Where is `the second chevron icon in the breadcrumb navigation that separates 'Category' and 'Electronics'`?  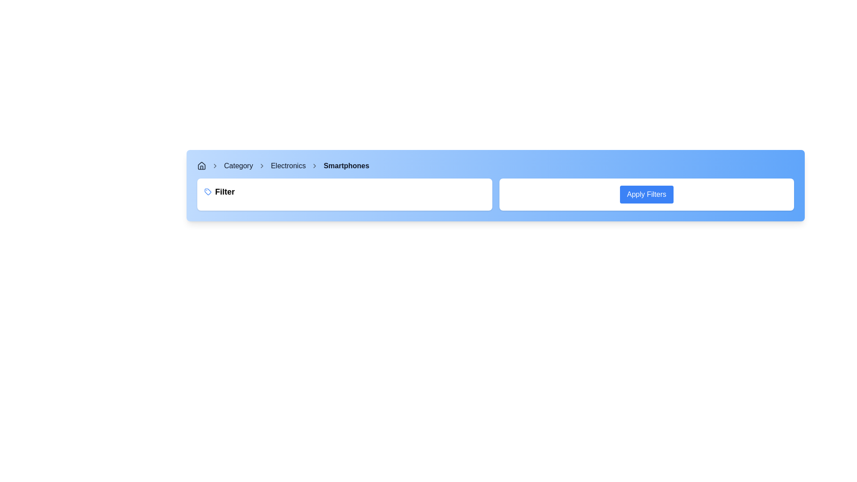 the second chevron icon in the breadcrumb navigation that separates 'Category' and 'Electronics' is located at coordinates (261, 166).